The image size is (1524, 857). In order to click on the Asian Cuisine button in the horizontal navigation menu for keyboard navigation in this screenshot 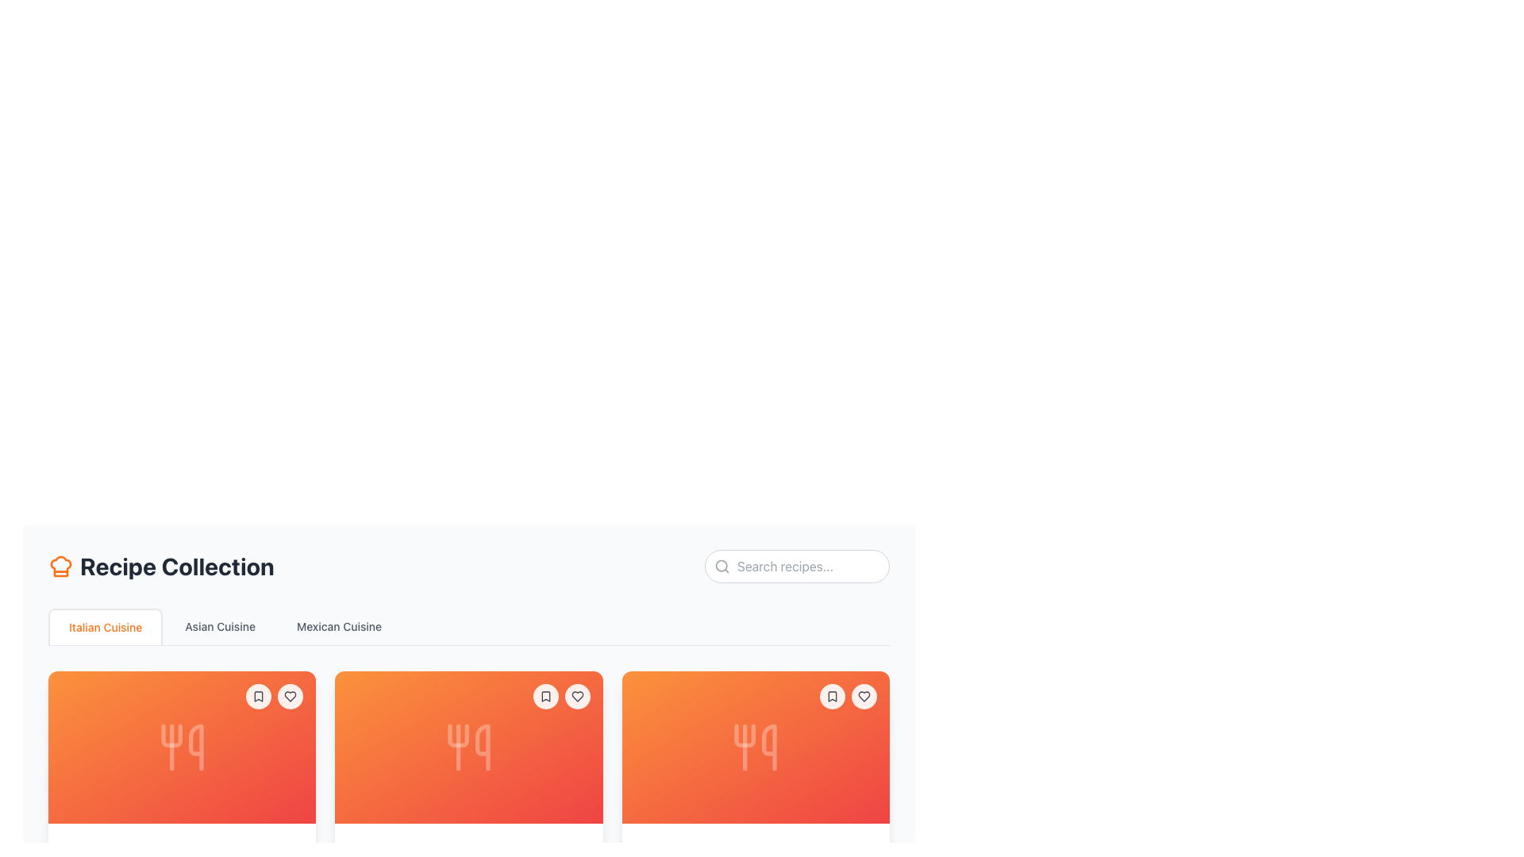, I will do `click(219, 626)`.